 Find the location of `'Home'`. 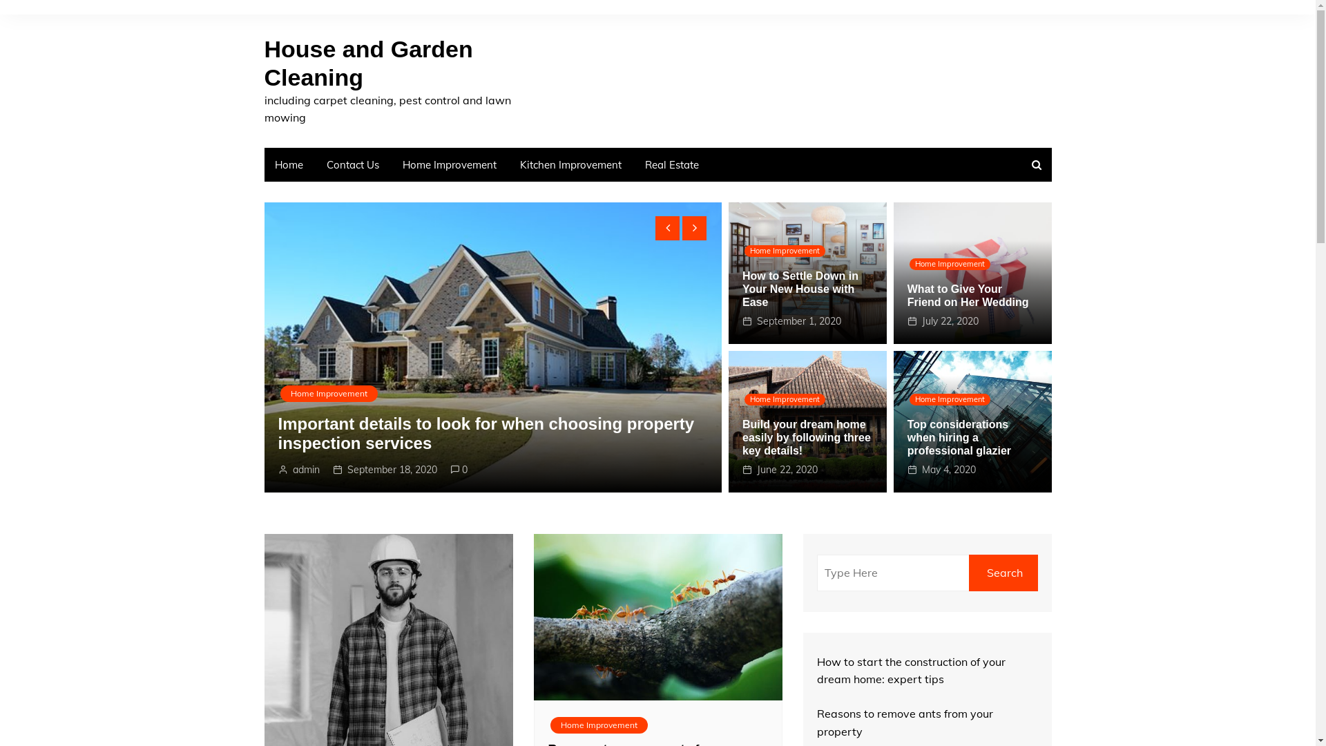

'Home' is located at coordinates (264, 164).